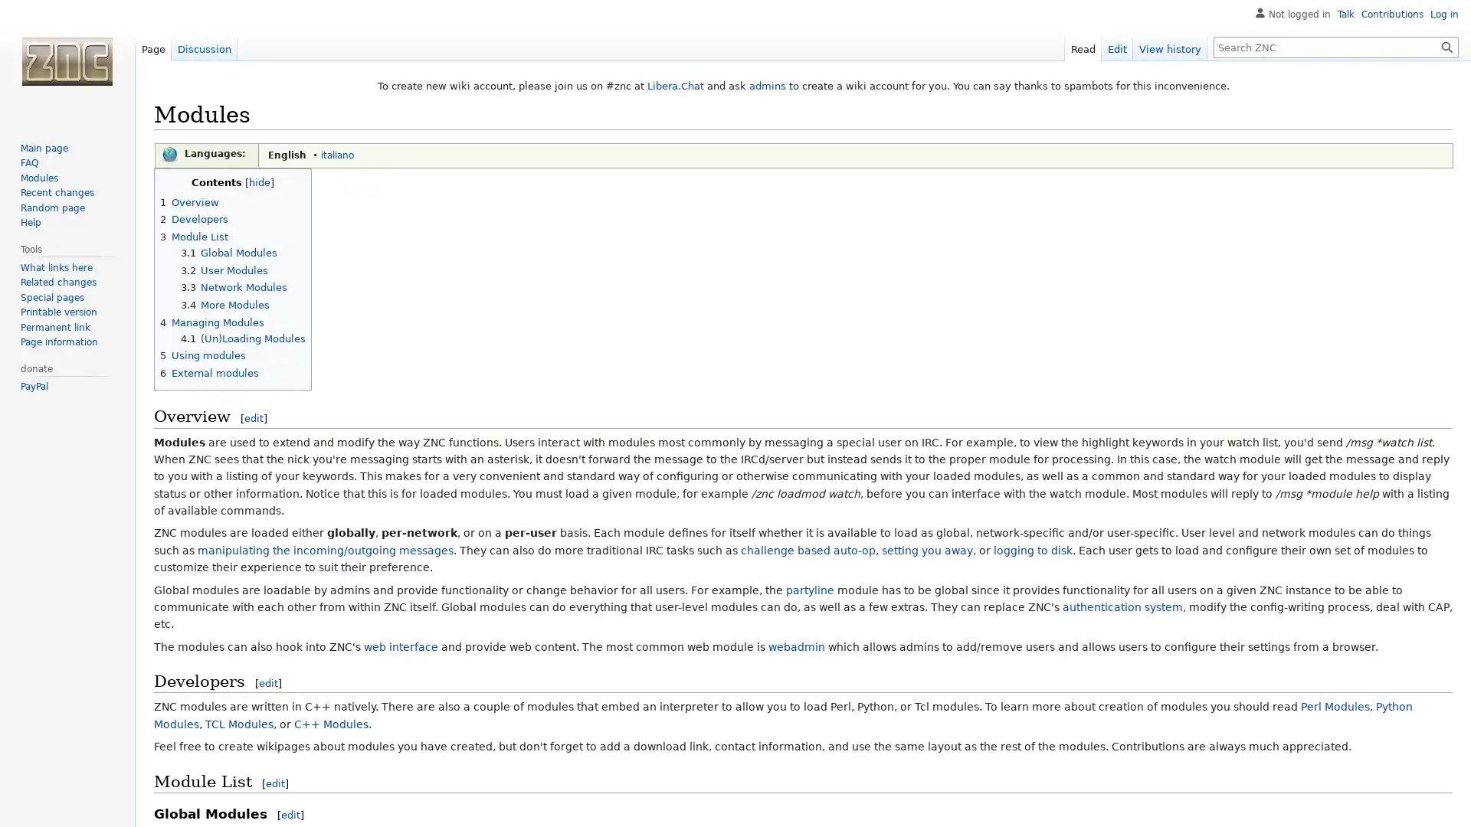 The width and height of the screenshot is (1471, 827). What do you see at coordinates (1446, 46) in the screenshot?
I see `Go` at bounding box center [1446, 46].